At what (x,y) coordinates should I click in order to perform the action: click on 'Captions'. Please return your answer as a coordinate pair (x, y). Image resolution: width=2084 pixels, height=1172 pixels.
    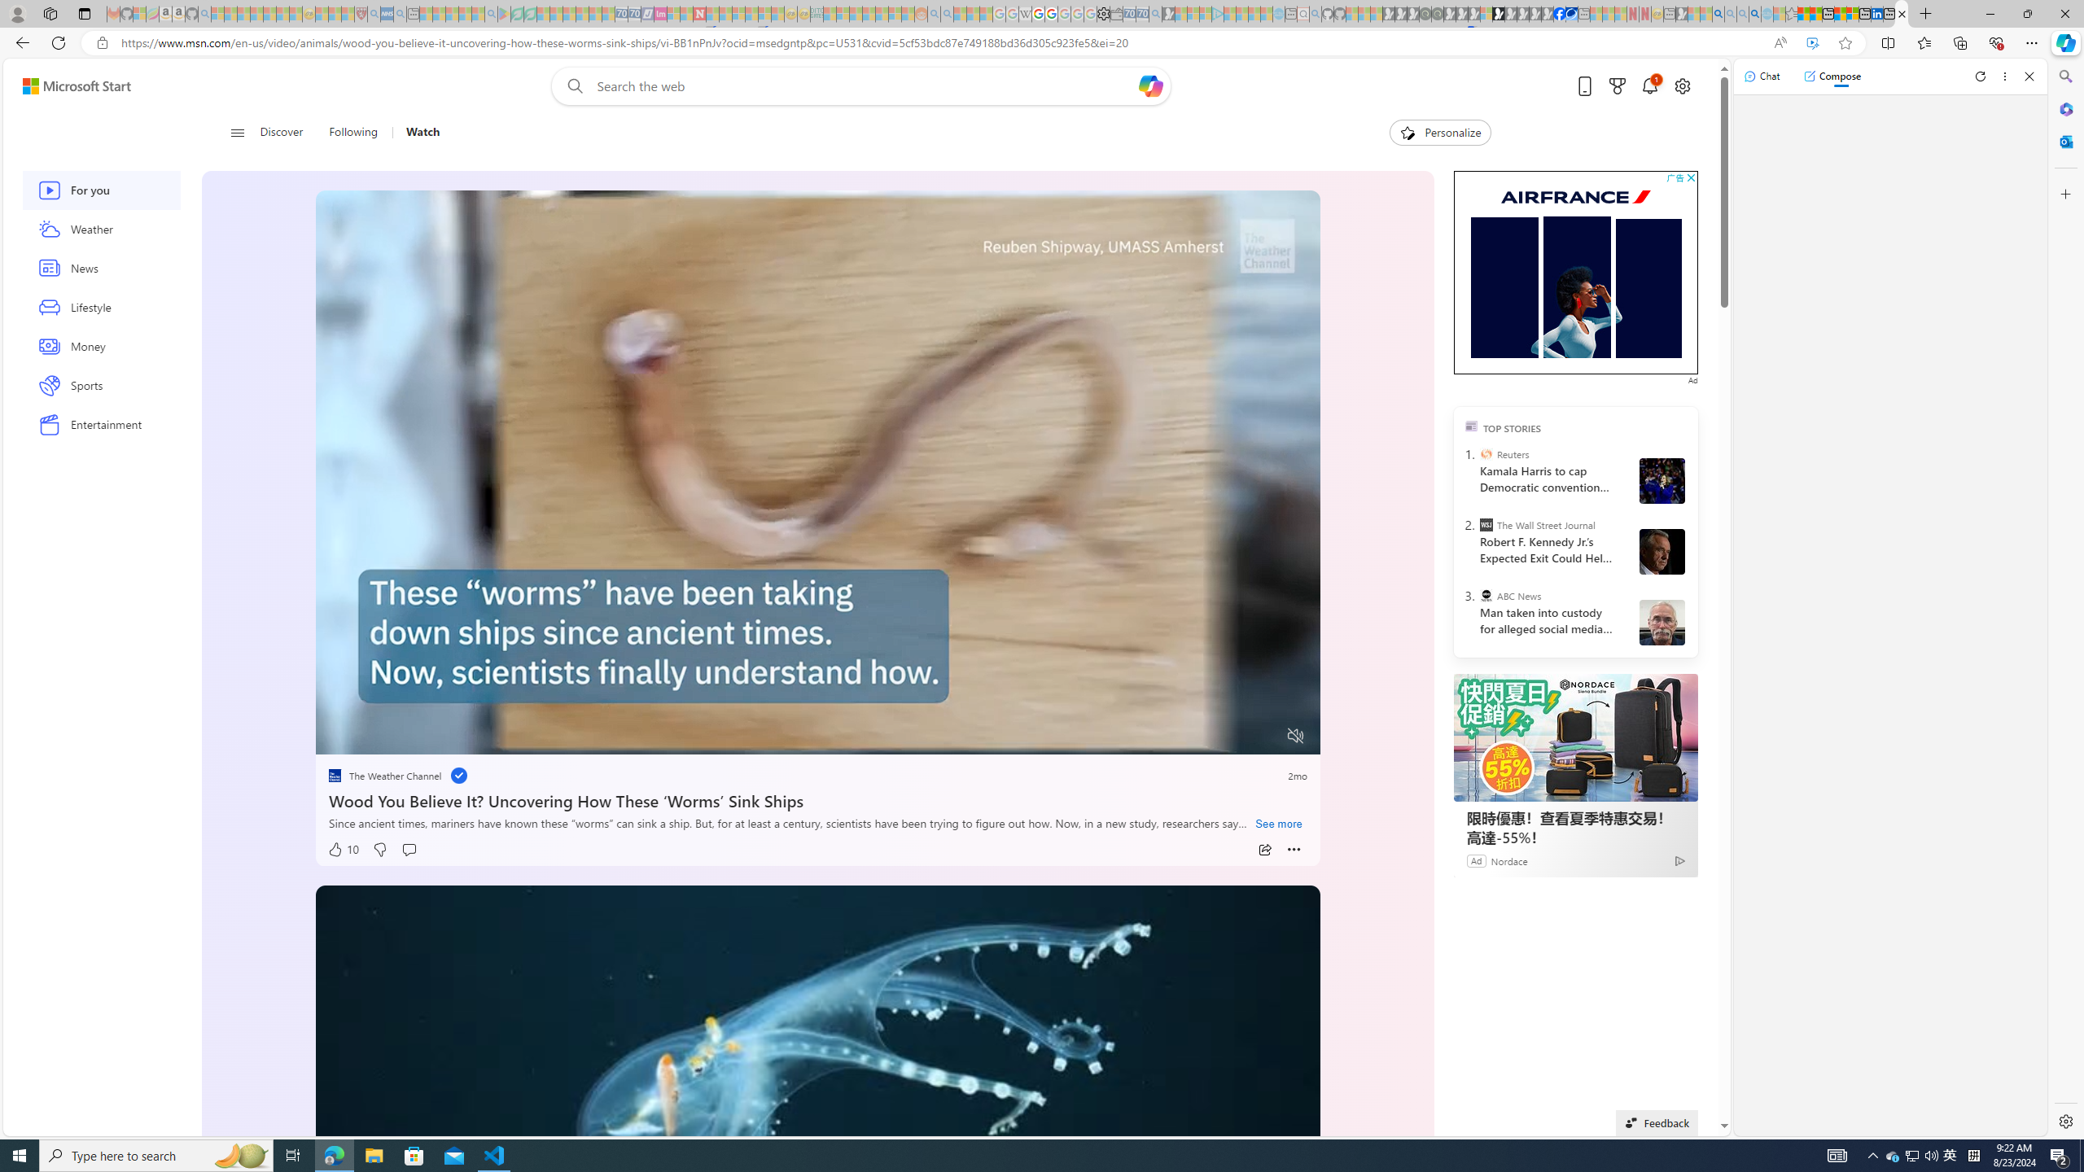
    Looking at the image, I should click on (1232, 735).